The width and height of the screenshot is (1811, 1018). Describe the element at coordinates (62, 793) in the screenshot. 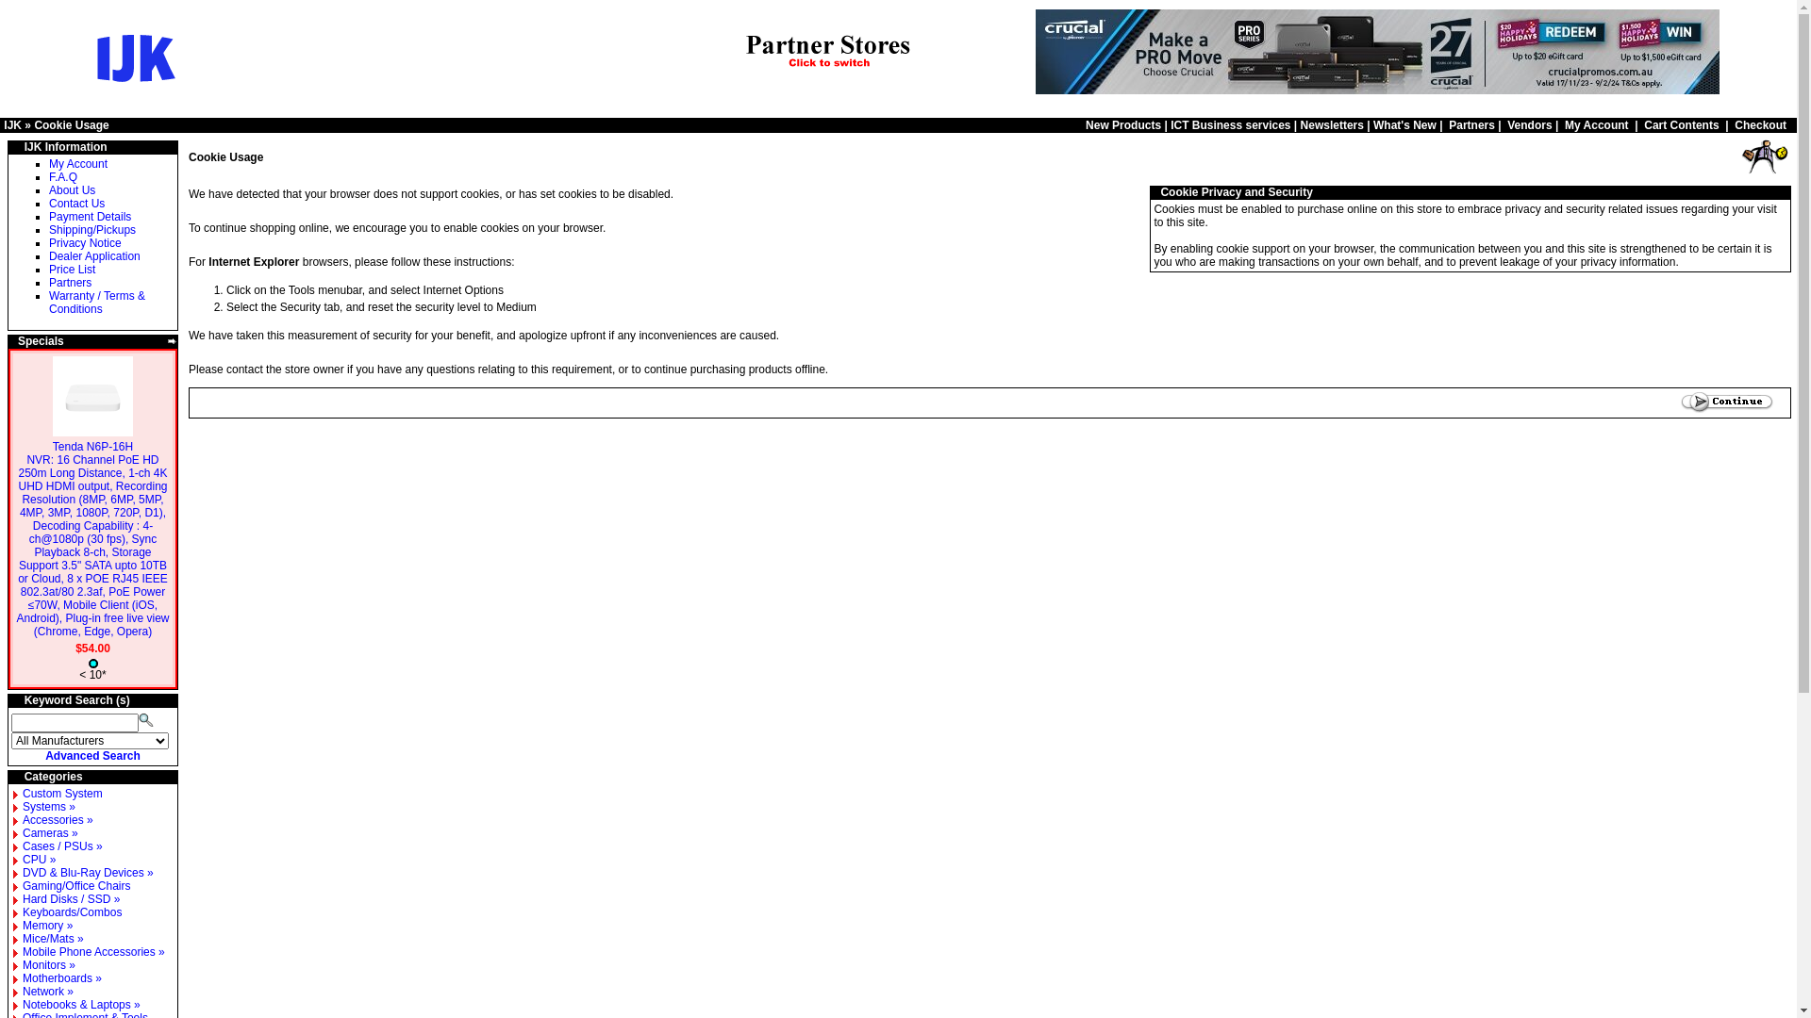

I see `'Custom System'` at that location.